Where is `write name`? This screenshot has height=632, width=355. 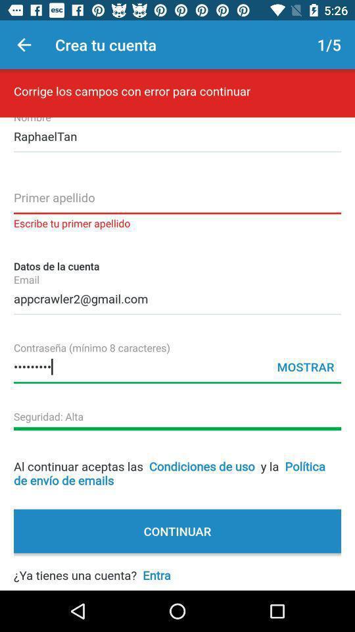 write name is located at coordinates (177, 201).